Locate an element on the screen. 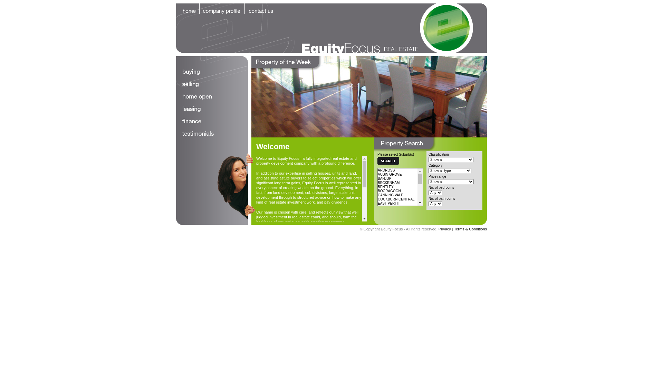 This screenshot has height=372, width=663. 'finance' is located at coordinates (212, 121).